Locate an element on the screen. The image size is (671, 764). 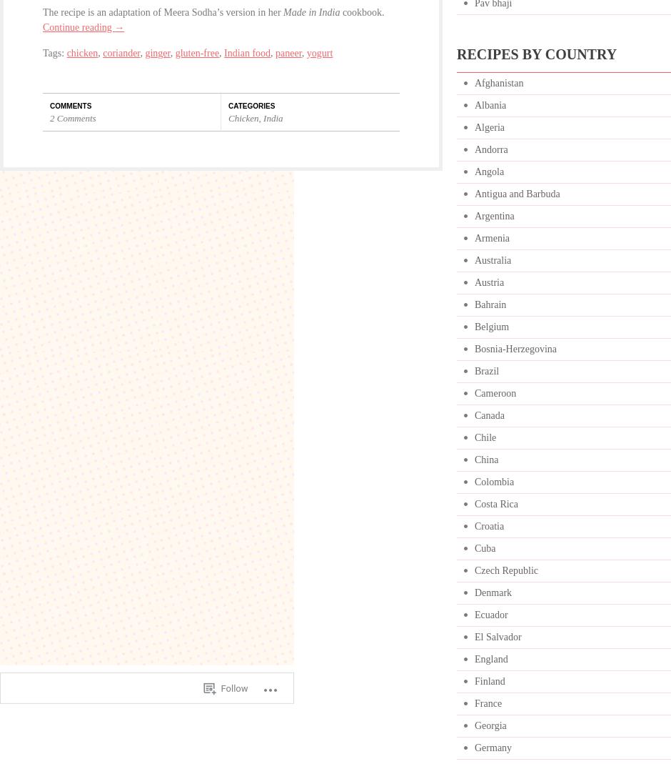
'Bosnia-Herzegovina' is located at coordinates (474, 348).